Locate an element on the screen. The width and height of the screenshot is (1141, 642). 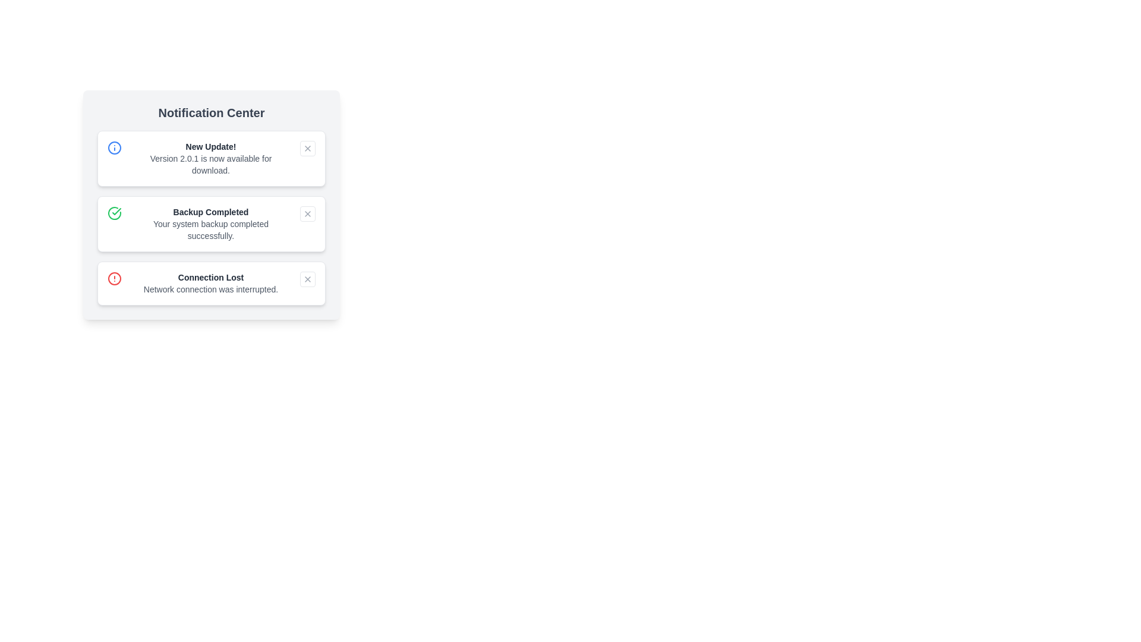
the static text that informs users about the availability of a new version, located below the 'New Update!' heading in the Notification Center is located at coordinates (211, 165).